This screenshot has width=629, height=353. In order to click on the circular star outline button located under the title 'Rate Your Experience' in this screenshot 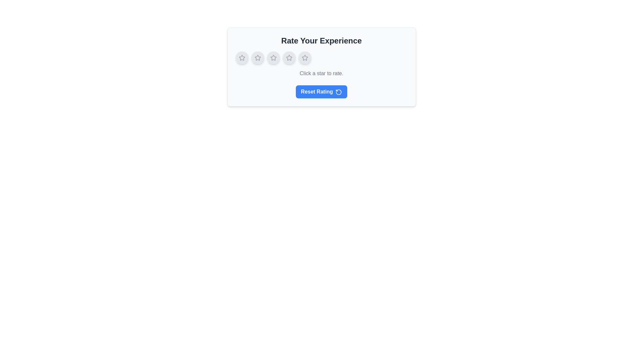, I will do `click(273, 58)`.